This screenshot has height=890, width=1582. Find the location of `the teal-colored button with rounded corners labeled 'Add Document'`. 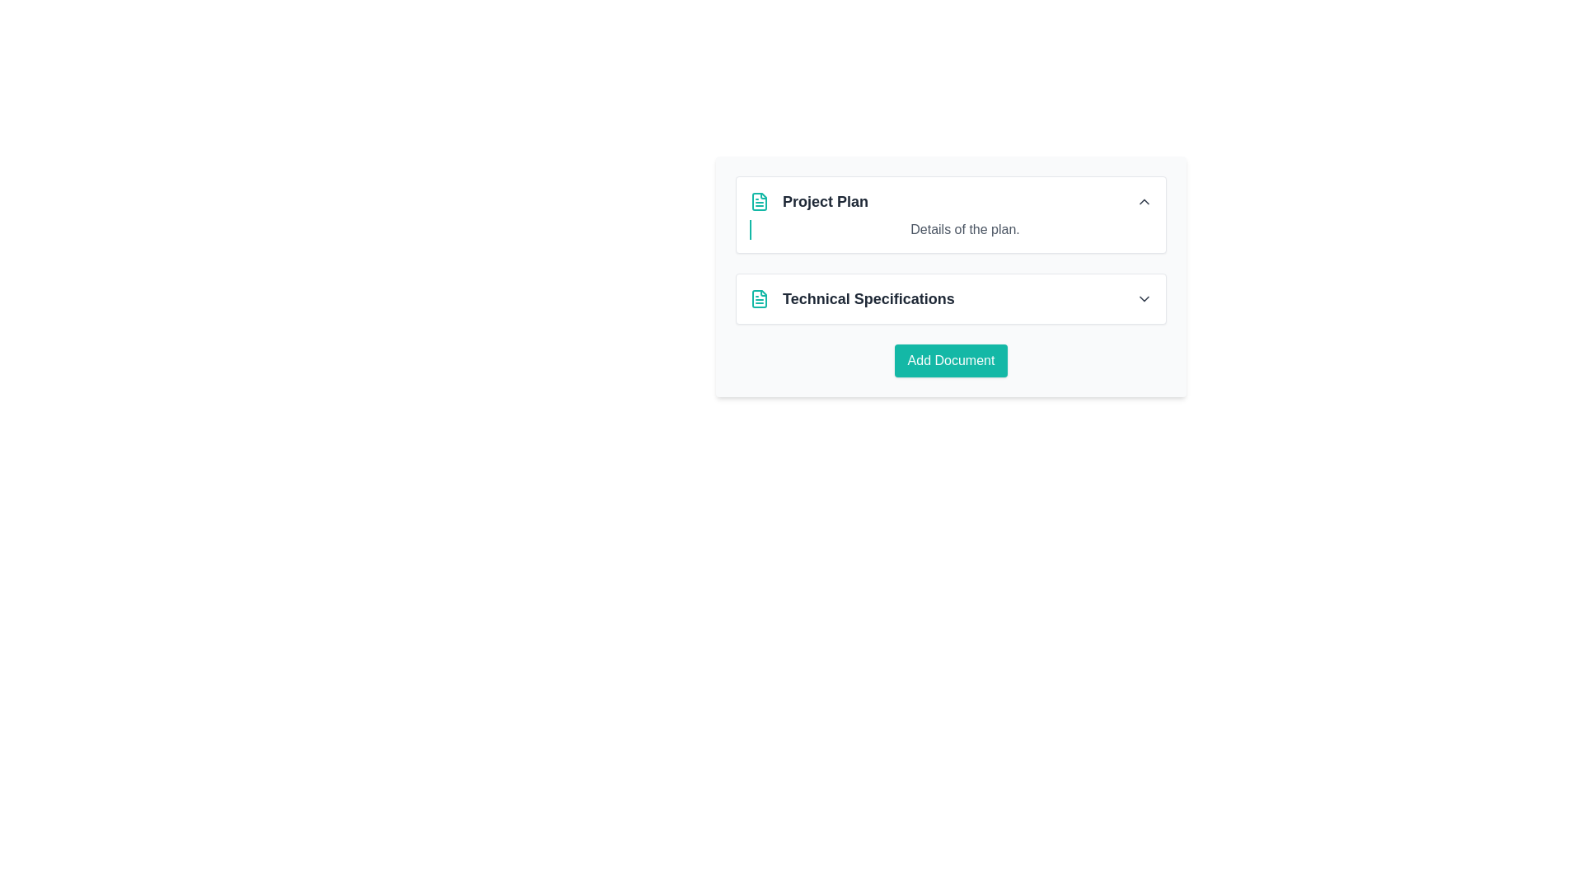

the teal-colored button with rounded corners labeled 'Add Document' is located at coordinates (951, 360).